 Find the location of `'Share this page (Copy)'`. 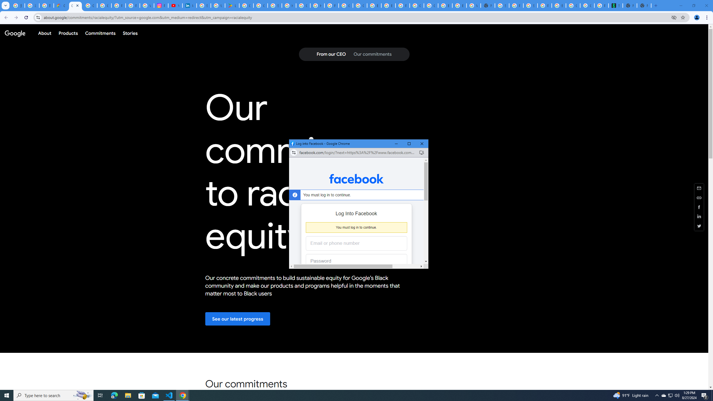

'Share this page (Copy)' is located at coordinates (699, 197).